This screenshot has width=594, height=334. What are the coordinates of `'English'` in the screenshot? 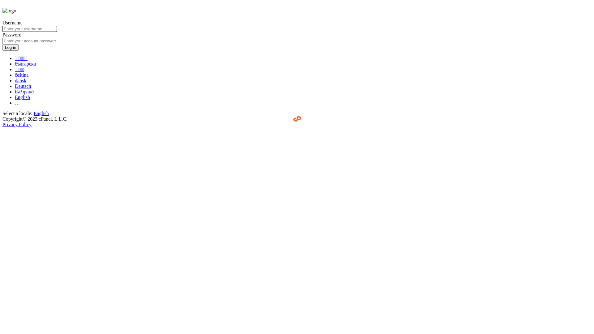 It's located at (22, 97).